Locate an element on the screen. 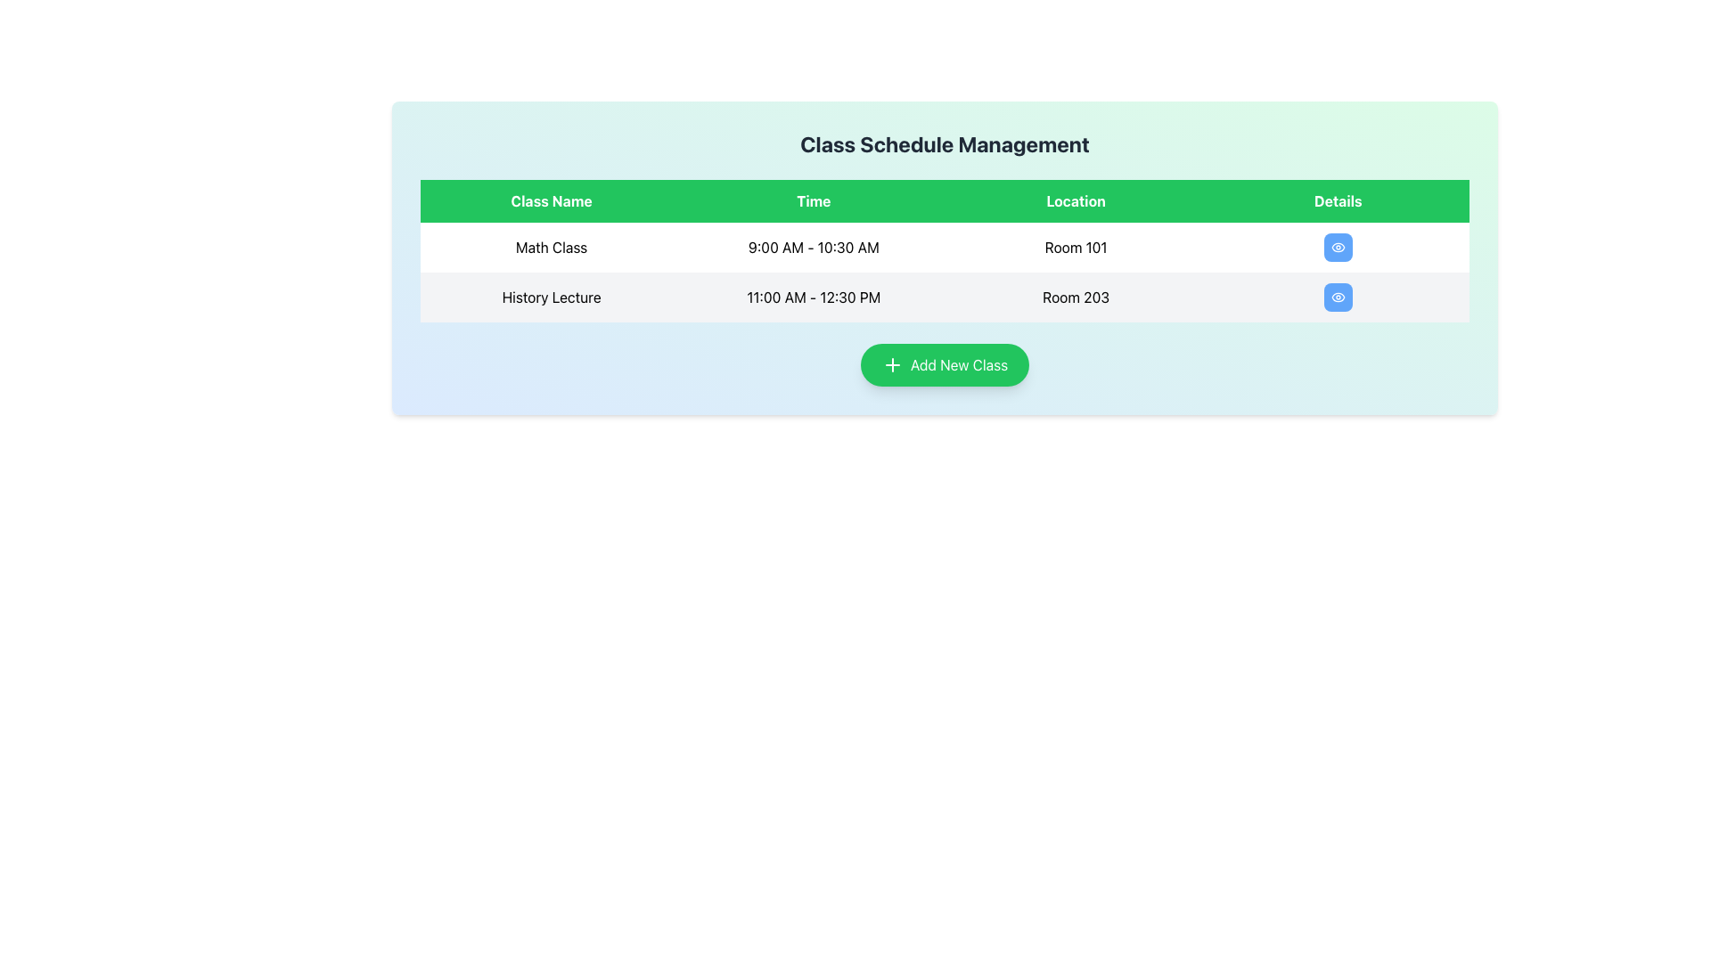 Image resolution: width=1711 pixels, height=962 pixels. the 'Time' label which is the second column header in the table, positioned between the 'Class Name' and 'Location' columns, with a green background and white bold text is located at coordinates (813, 200).